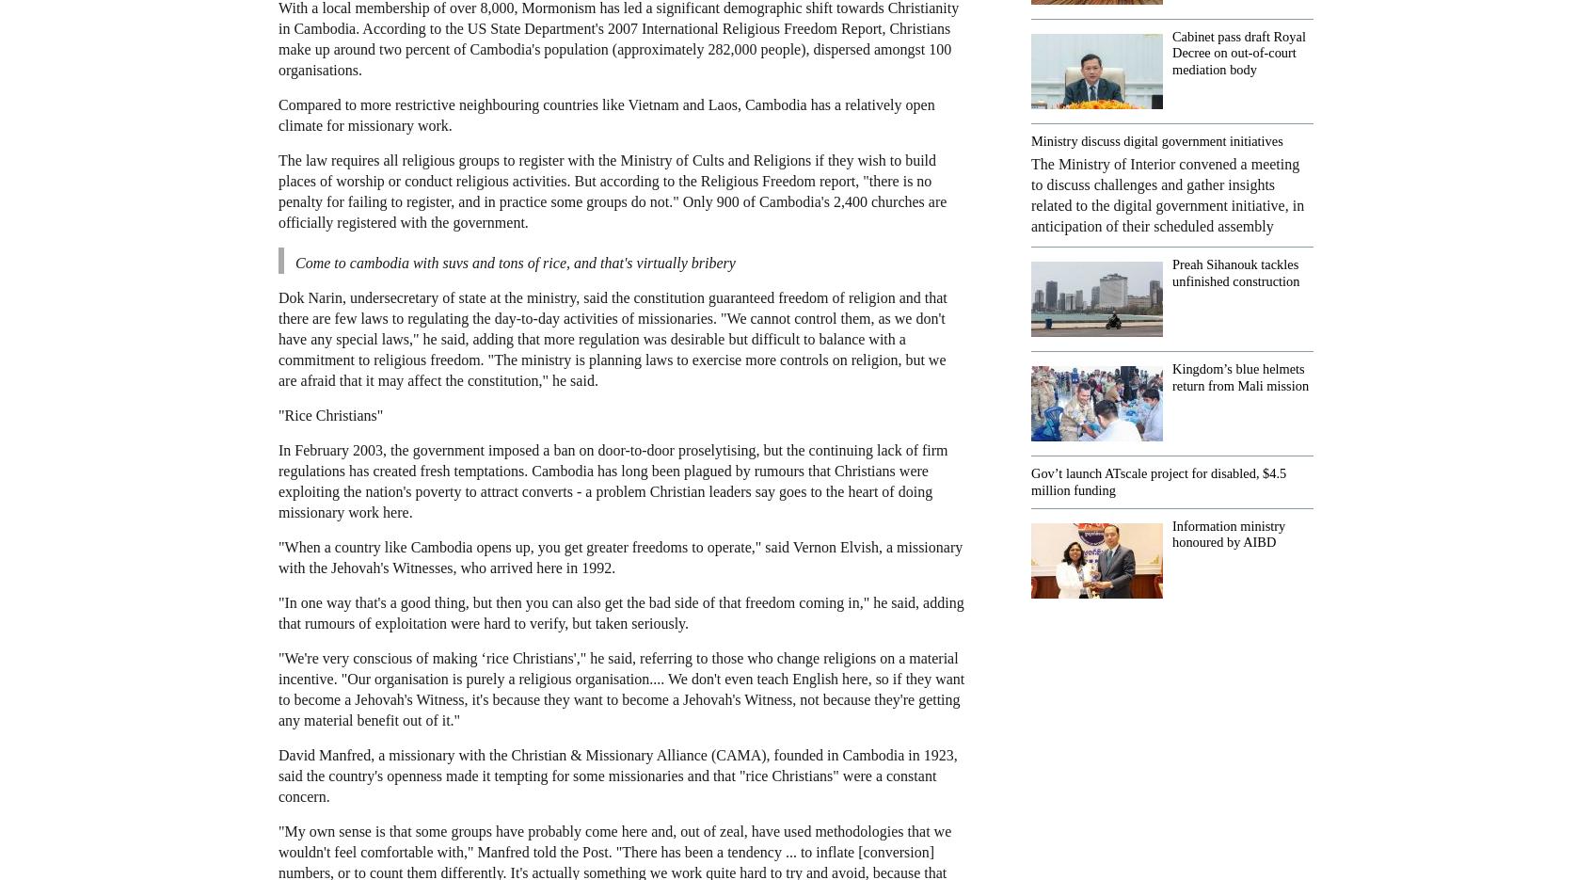 The image size is (1592, 880). Describe the element at coordinates (613, 189) in the screenshot. I see `'The law requires all religious groups to register with the Ministry of Cults and Religions if they wish to build places of worship or conduct religious activities. But according to the Religious Freedom report, "there is no penalty for failing to register, and in practice some groups do not." Only 900 of Cambodia's 2,400 churches are officially registered with the government.'` at that location.